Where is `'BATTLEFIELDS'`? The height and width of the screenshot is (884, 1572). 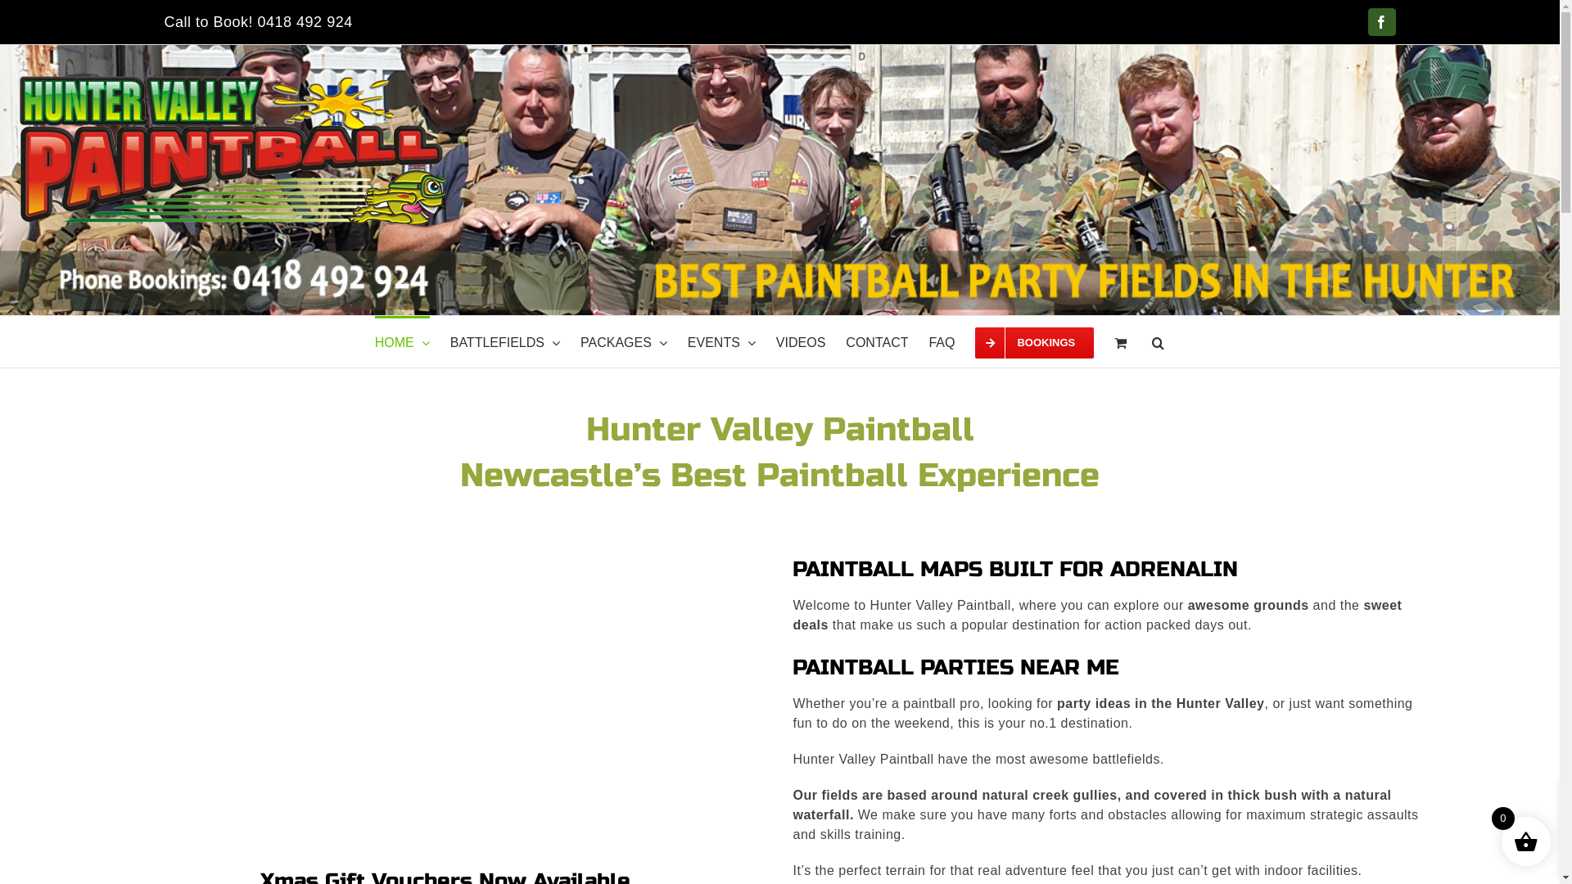
'BATTLEFIELDS' is located at coordinates (504, 341).